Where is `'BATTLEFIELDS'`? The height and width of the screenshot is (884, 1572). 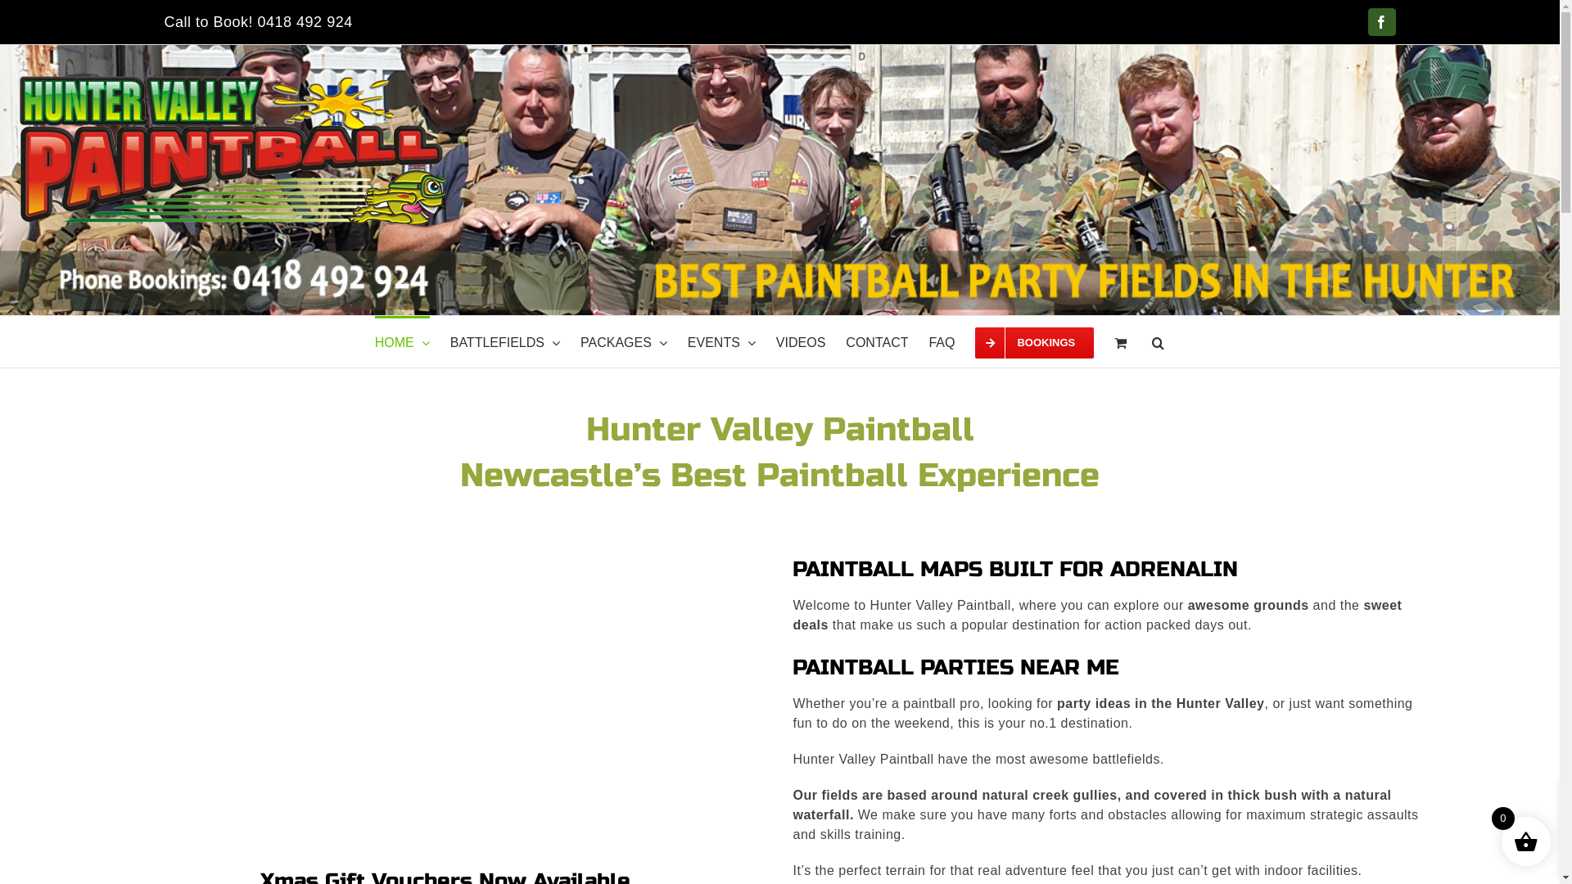
'BATTLEFIELDS' is located at coordinates (504, 341).